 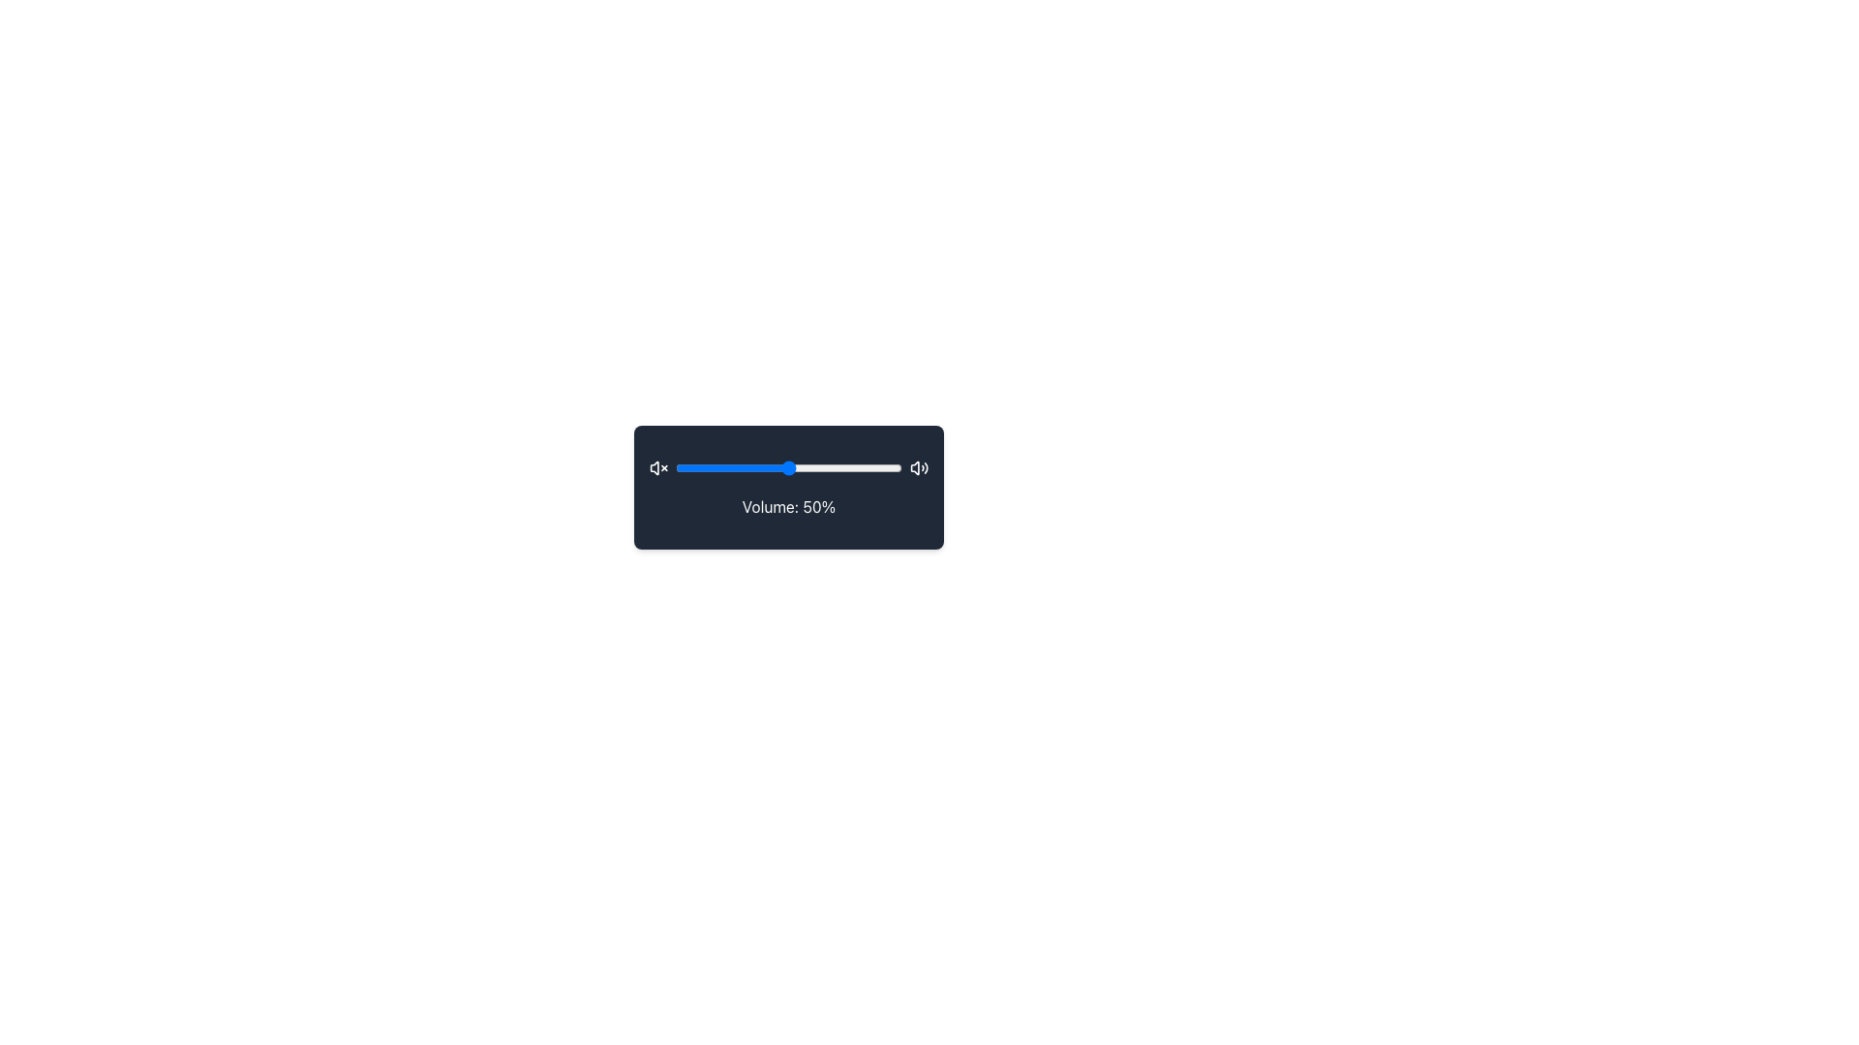 What do you see at coordinates (696, 467) in the screenshot?
I see `the volume` at bounding box center [696, 467].